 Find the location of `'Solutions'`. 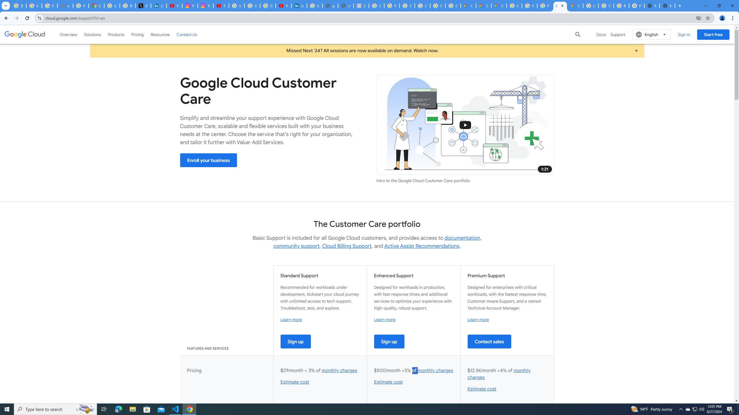

'Solutions' is located at coordinates (92, 34).